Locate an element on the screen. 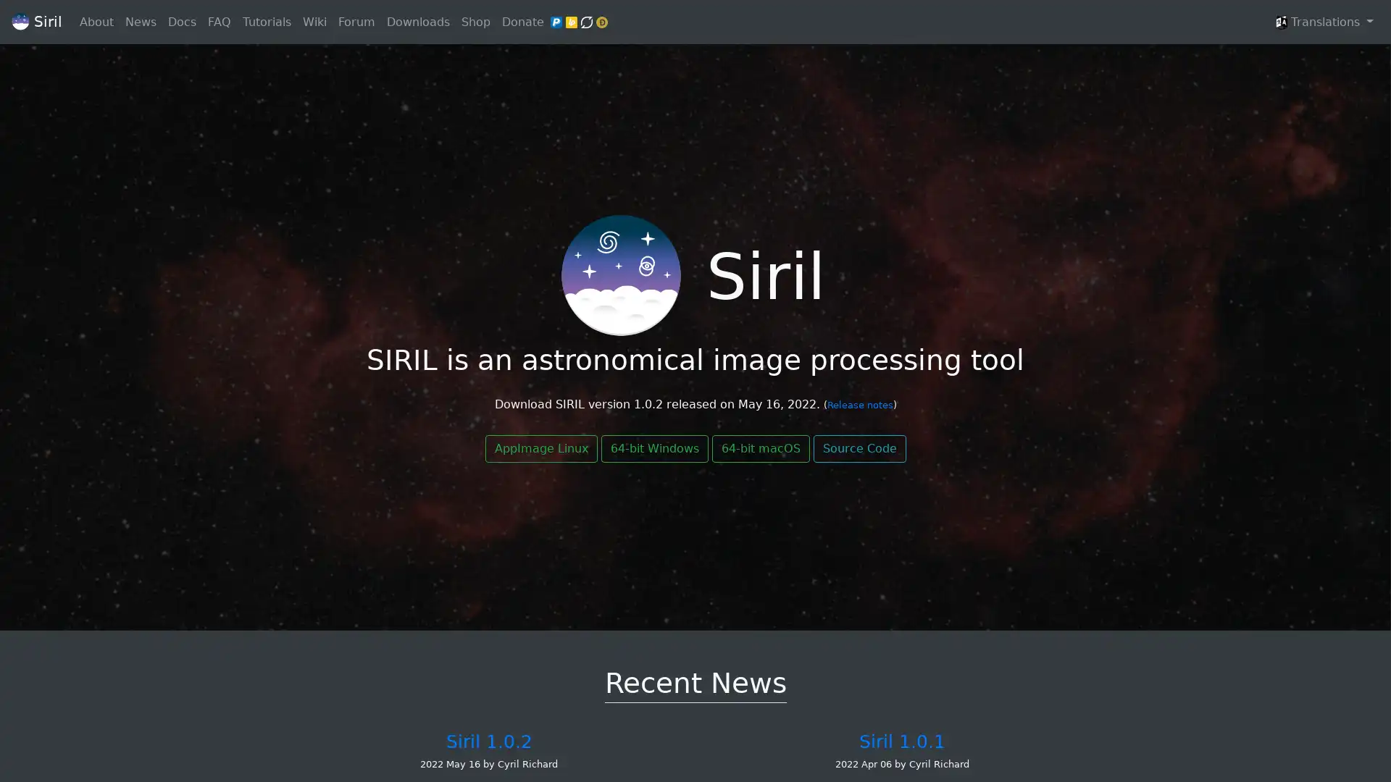 The height and width of the screenshot is (782, 1391). 64-bit macOS is located at coordinates (759, 448).